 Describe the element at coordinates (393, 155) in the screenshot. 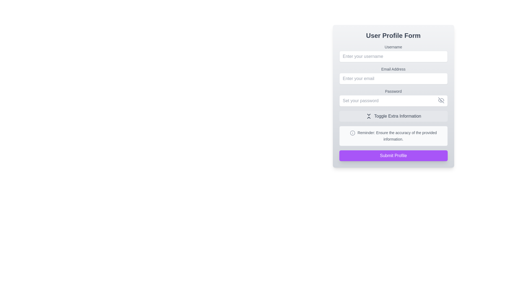

I see `the purple rectangular button labeled 'Submit Profile' to observe styling changes` at that location.